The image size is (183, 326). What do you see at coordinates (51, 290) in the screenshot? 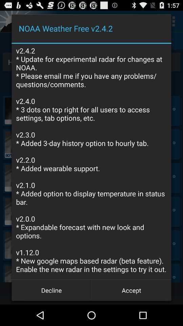
I see `button next to accept button` at bounding box center [51, 290].